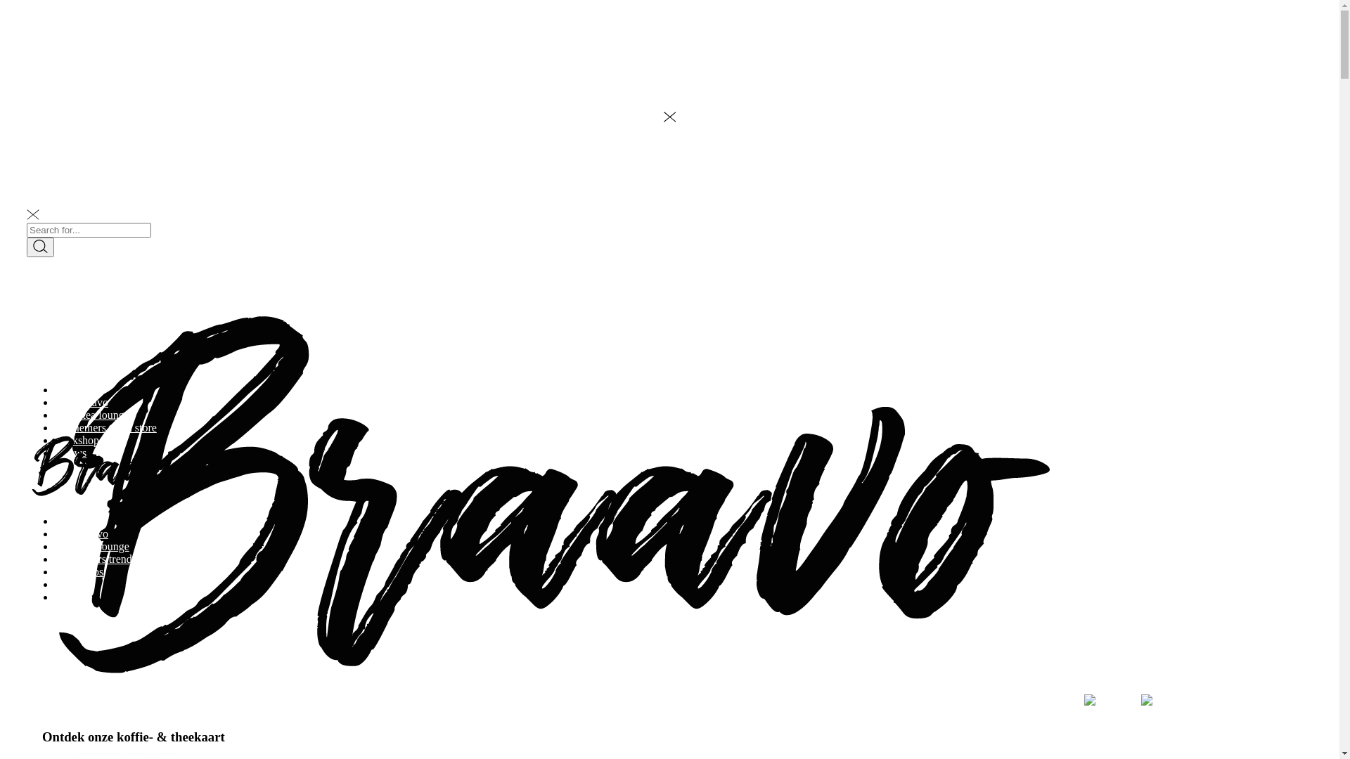 This screenshot has height=759, width=1350. Describe the element at coordinates (67, 389) in the screenshot. I see `'home'` at that location.